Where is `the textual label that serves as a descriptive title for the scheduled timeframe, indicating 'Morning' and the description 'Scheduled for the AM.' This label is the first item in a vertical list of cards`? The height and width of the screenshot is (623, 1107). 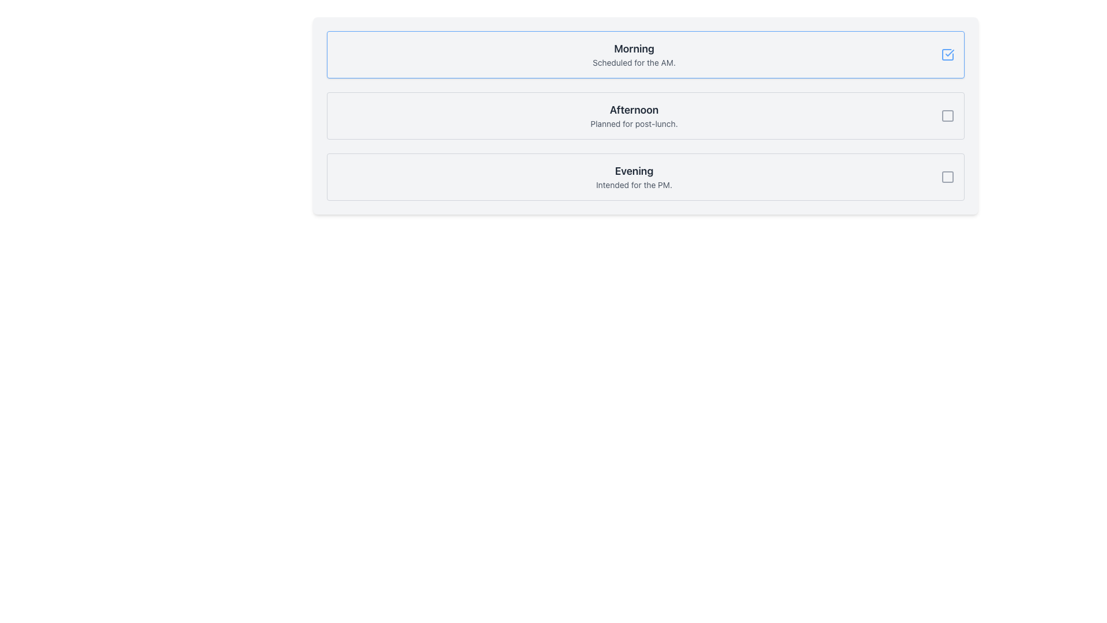
the textual label that serves as a descriptive title for the scheduled timeframe, indicating 'Morning' and the description 'Scheduled for the AM.' This label is the first item in a vertical list of cards is located at coordinates (633, 55).